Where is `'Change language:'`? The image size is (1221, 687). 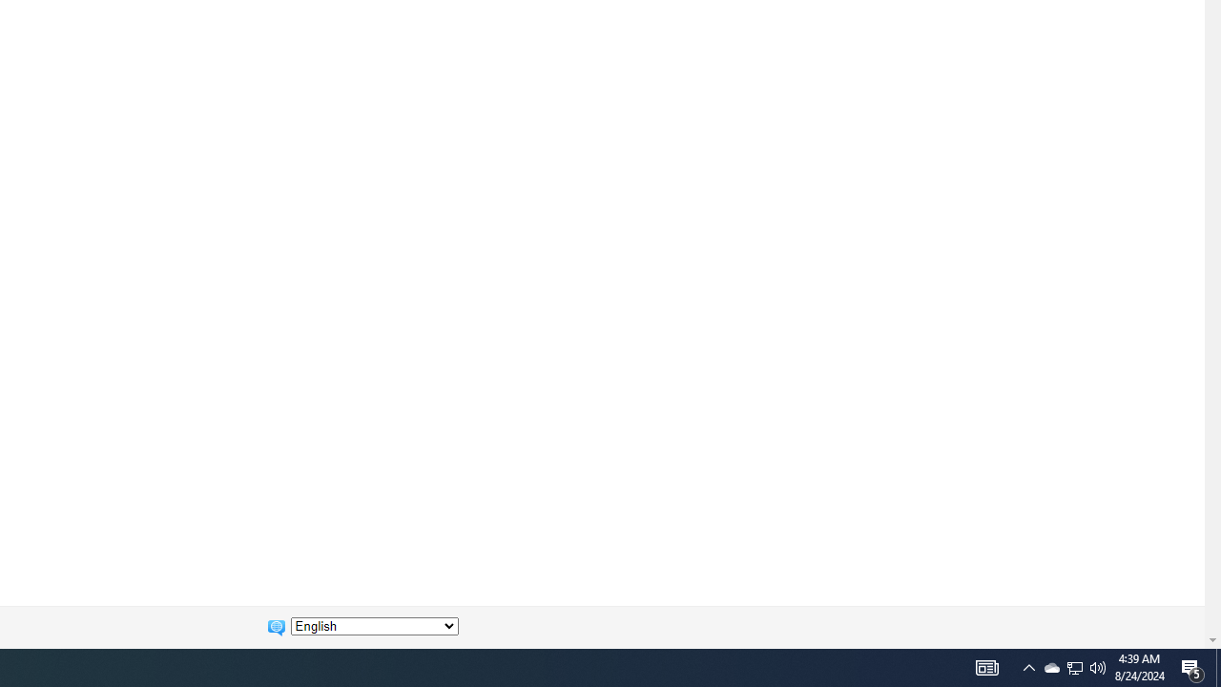
'Change language:' is located at coordinates (374, 626).